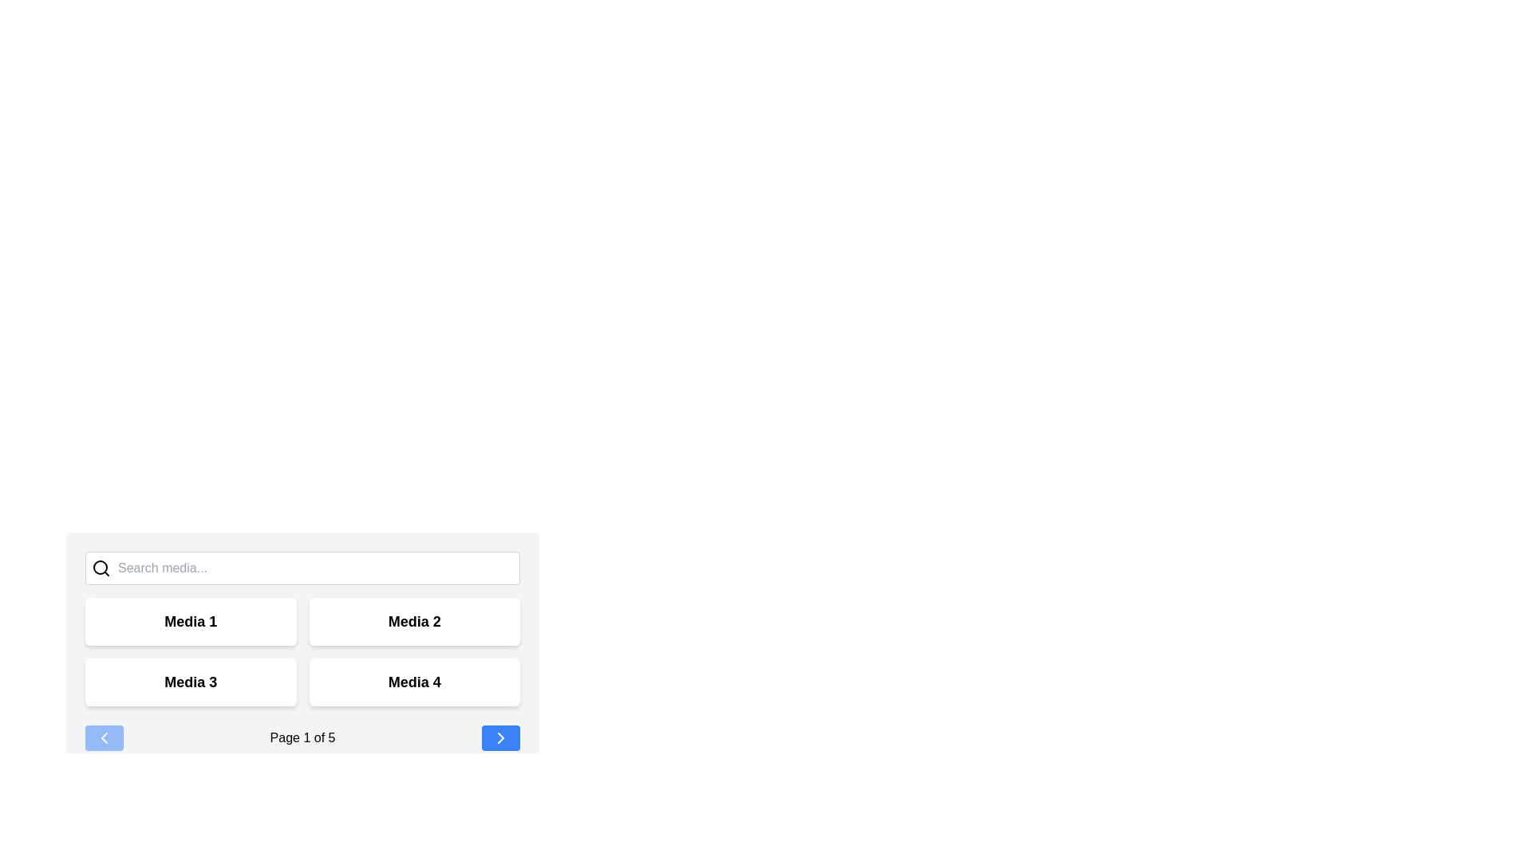 This screenshot has height=861, width=1532. What do you see at coordinates (302, 737) in the screenshot?
I see `text displayed in the text label showing 'Page 1 of 5', which is centrally located at the bottom section of the layout` at bounding box center [302, 737].